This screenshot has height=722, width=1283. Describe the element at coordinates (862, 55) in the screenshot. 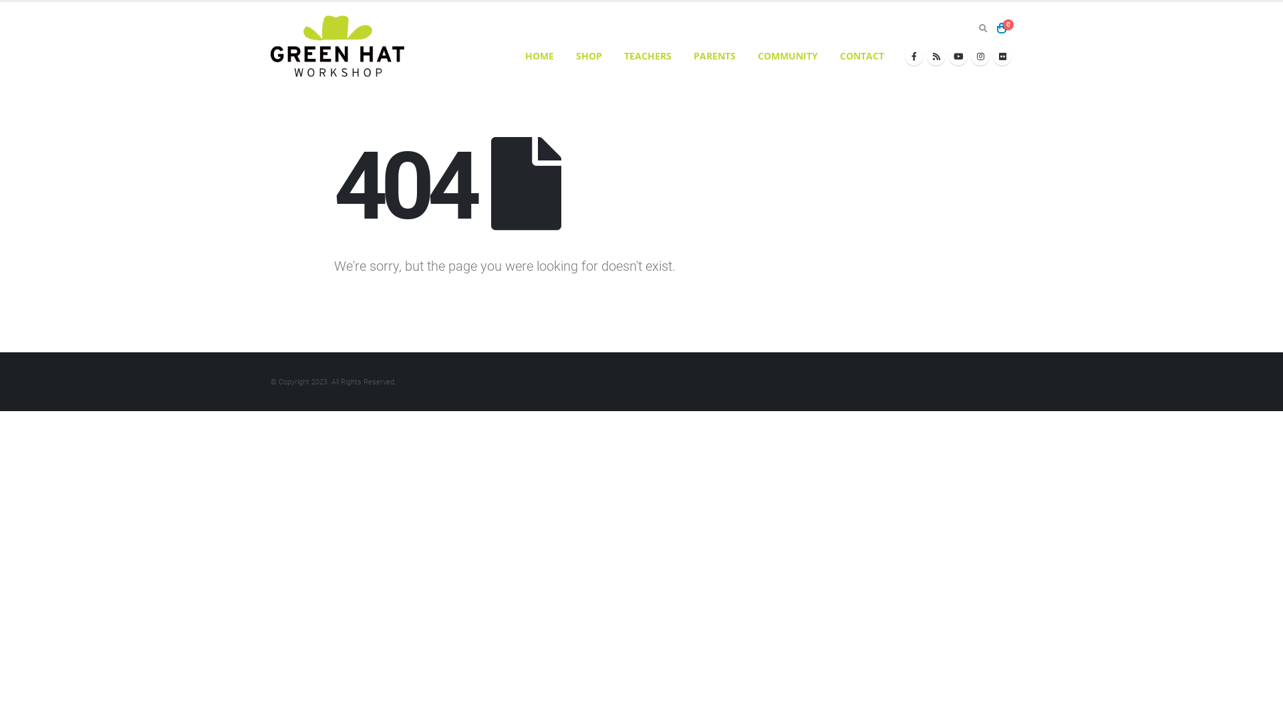

I see `'CONTACT'` at that location.